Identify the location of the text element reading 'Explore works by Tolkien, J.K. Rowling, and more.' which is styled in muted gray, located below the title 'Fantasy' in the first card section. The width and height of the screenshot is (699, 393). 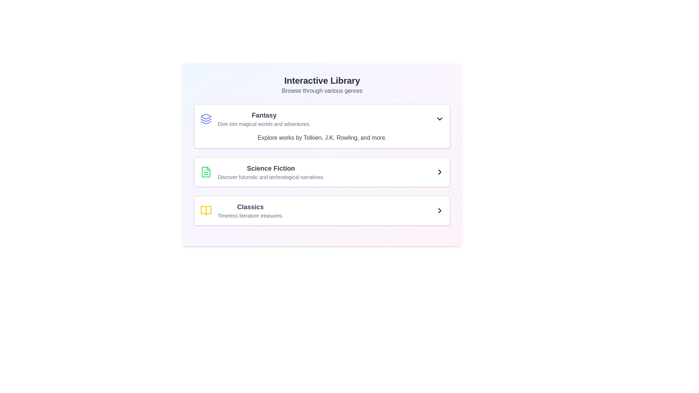
(321, 138).